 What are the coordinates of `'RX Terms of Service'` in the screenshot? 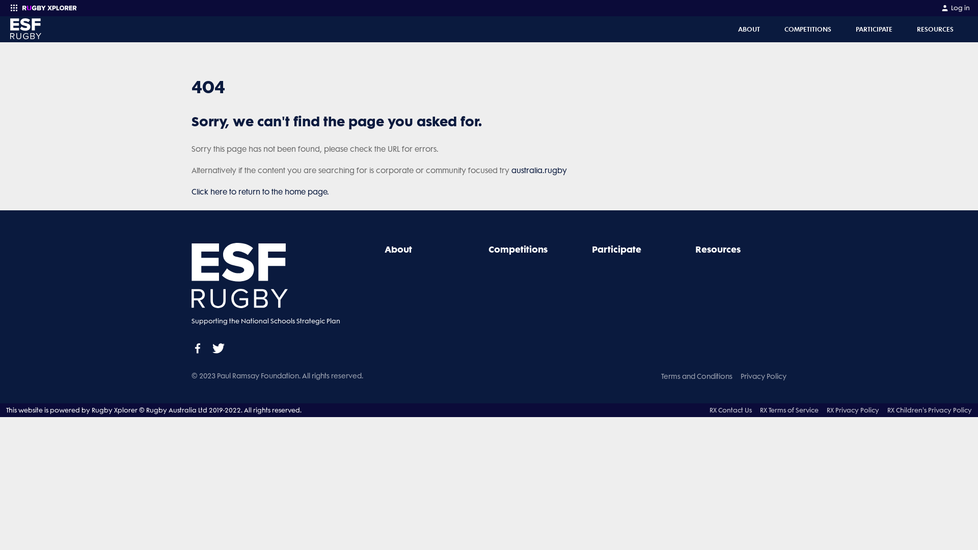 It's located at (789, 409).